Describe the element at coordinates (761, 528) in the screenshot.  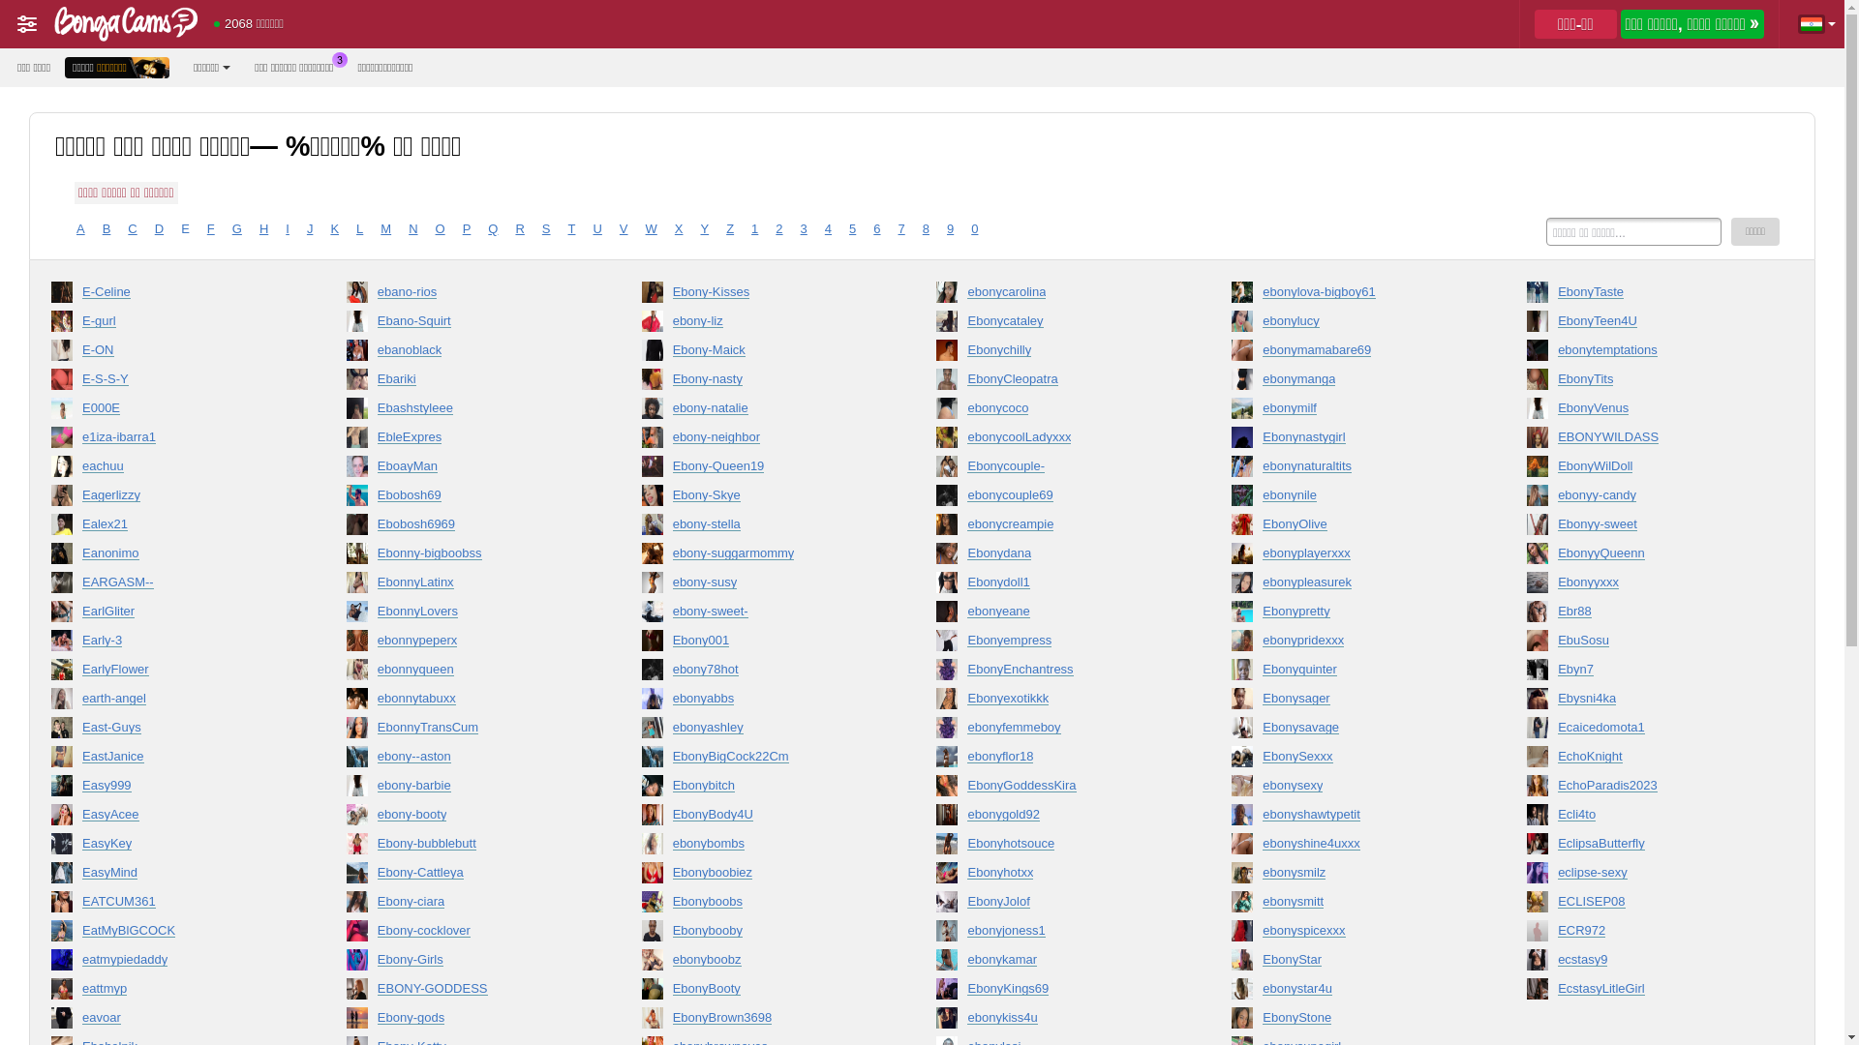
I see `'ebony-stella'` at that location.